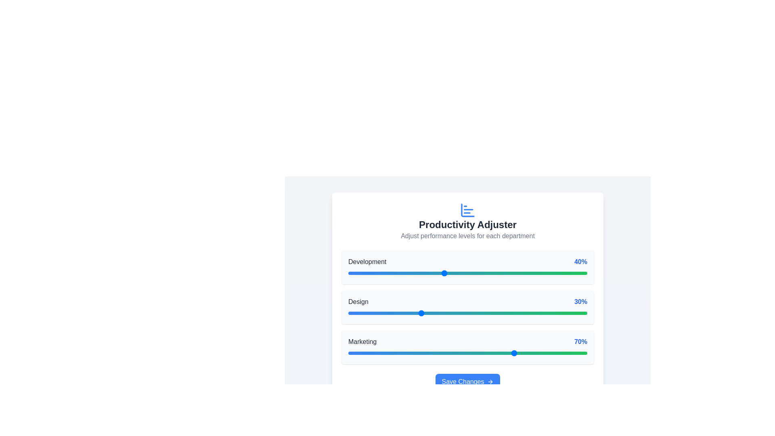  What do you see at coordinates (422, 312) in the screenshot?
I see `the slider` at bounding box center [422, 312].